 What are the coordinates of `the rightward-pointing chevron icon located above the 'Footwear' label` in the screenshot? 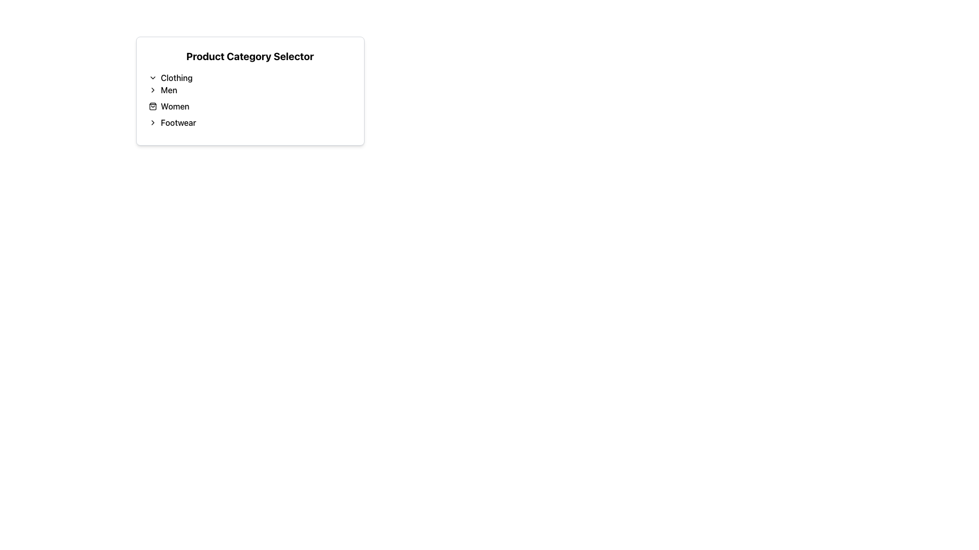 It's located at (152, 122).